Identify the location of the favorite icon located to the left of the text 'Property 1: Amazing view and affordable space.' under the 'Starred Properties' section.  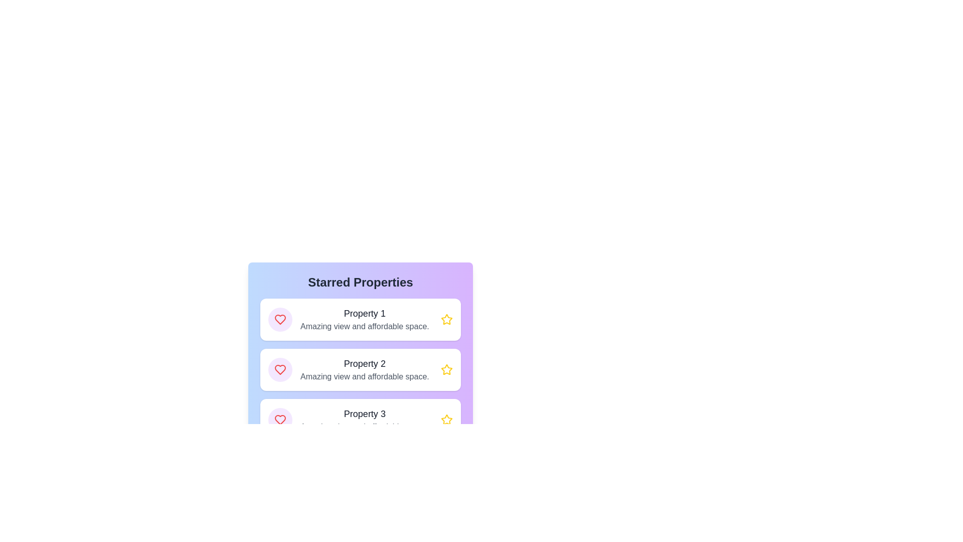
(280, 319).